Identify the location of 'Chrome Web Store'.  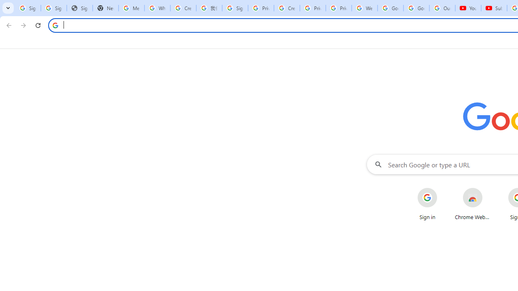
(473, 204).